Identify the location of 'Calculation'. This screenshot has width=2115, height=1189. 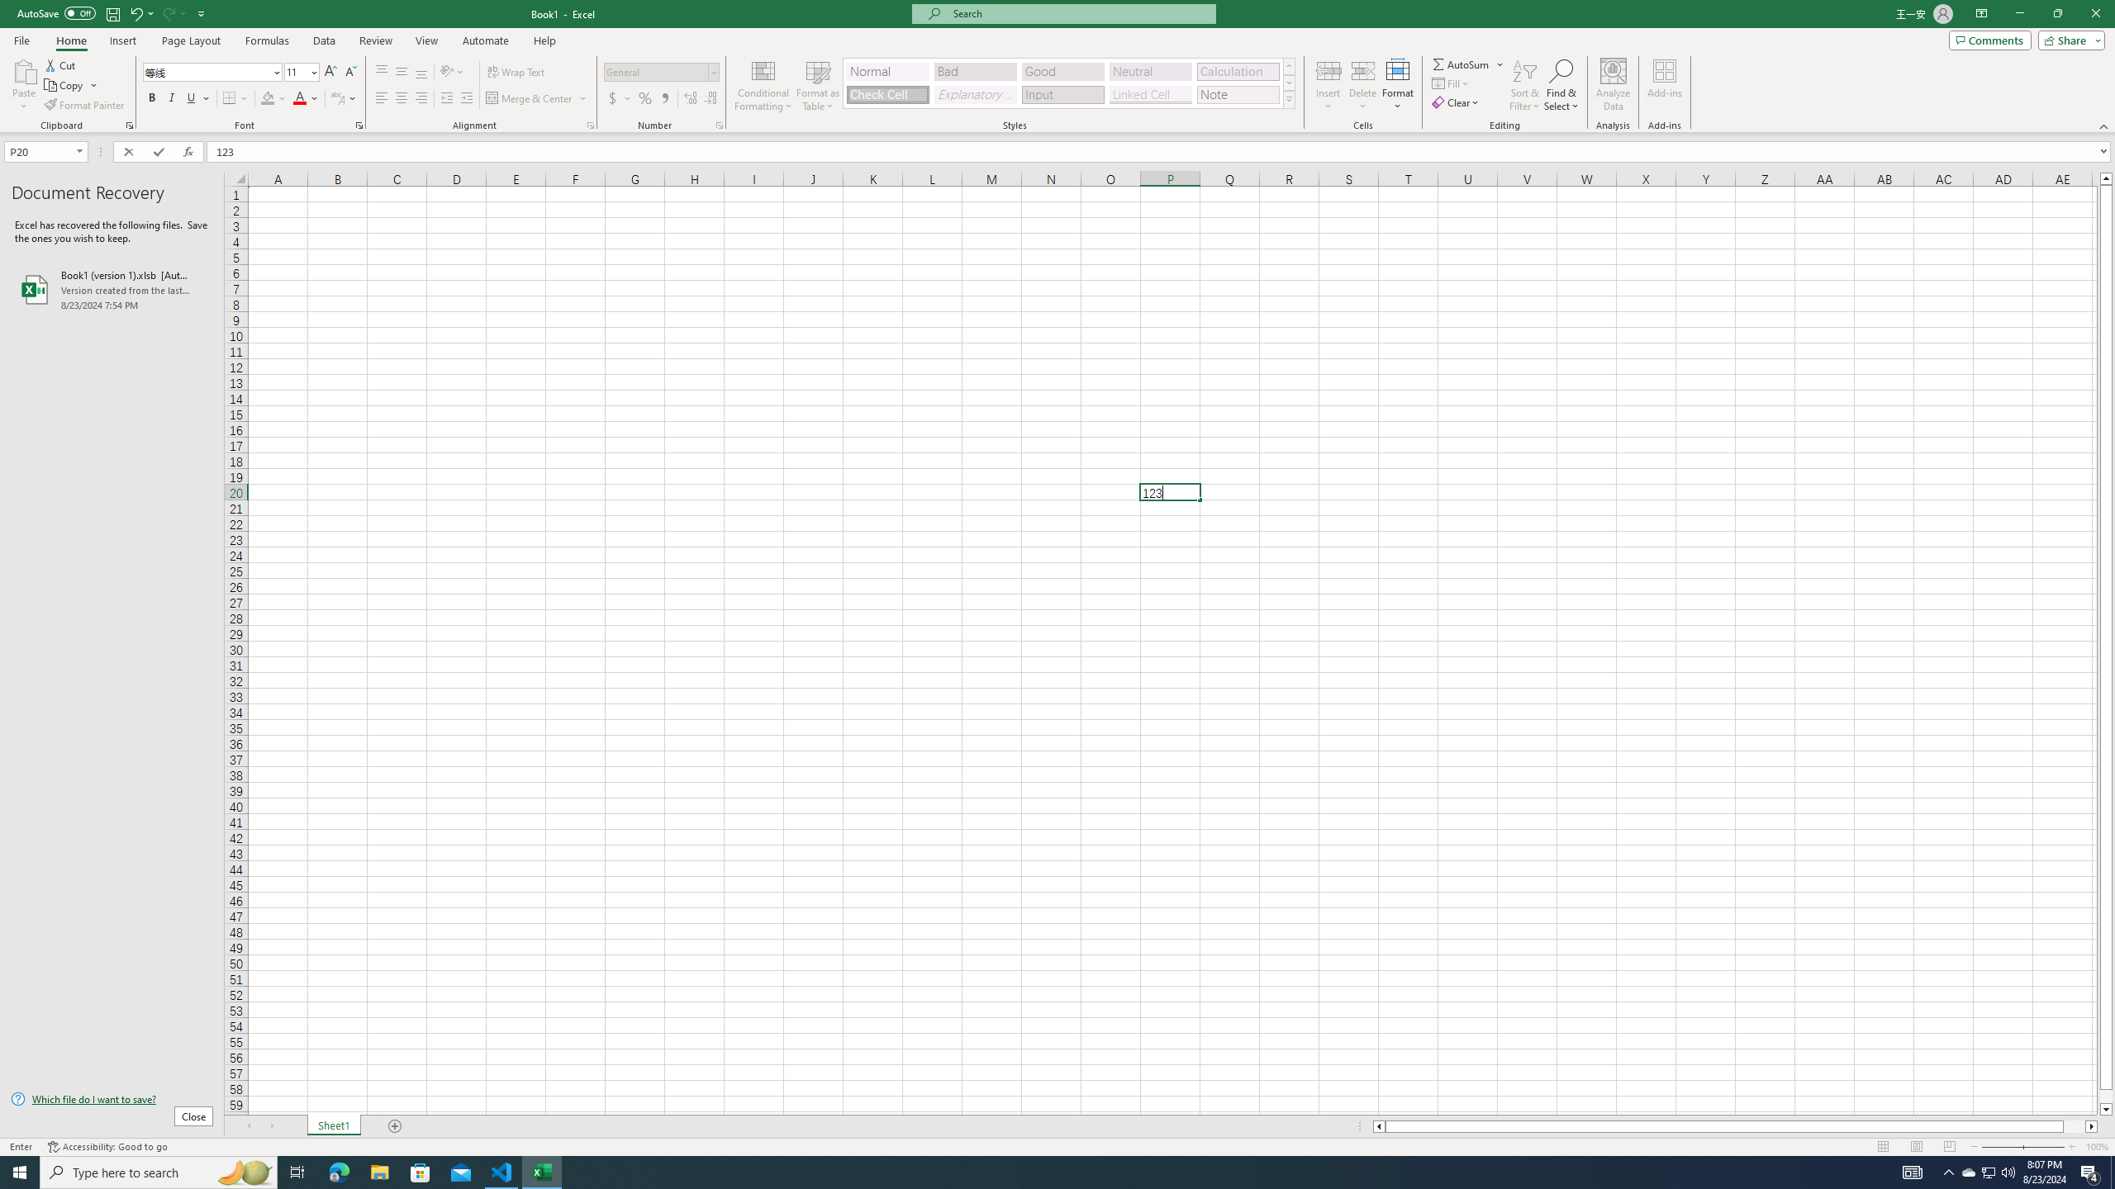
(1237, 72).